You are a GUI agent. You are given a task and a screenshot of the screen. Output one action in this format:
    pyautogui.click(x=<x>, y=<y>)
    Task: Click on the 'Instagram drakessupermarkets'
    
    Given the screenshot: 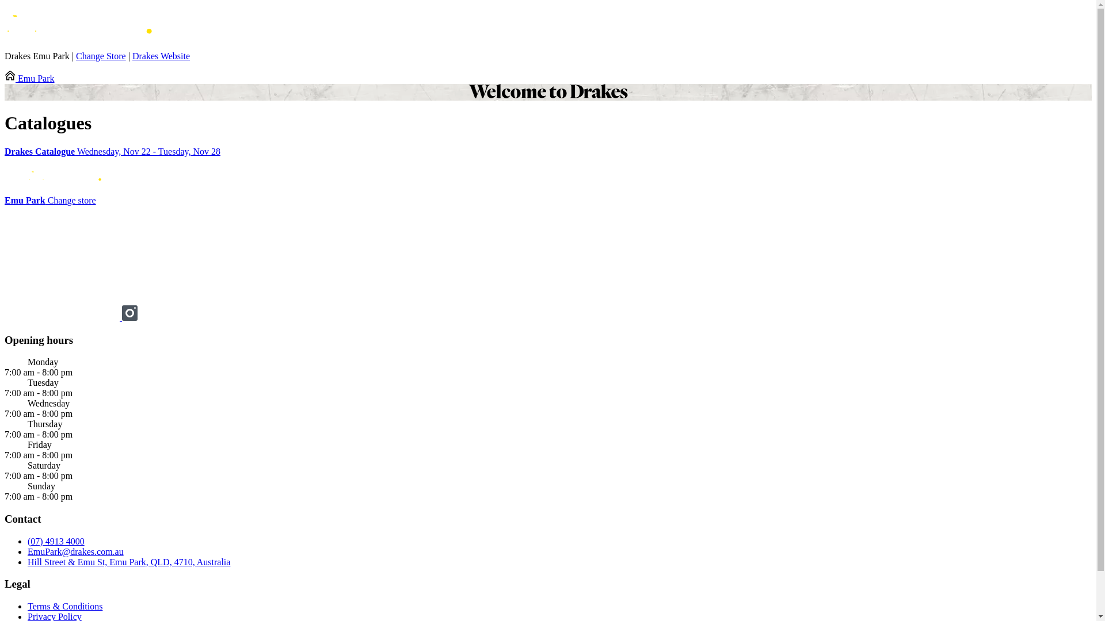 What is the action you would take?
    pyautogui.click(x=129, y=317)
    